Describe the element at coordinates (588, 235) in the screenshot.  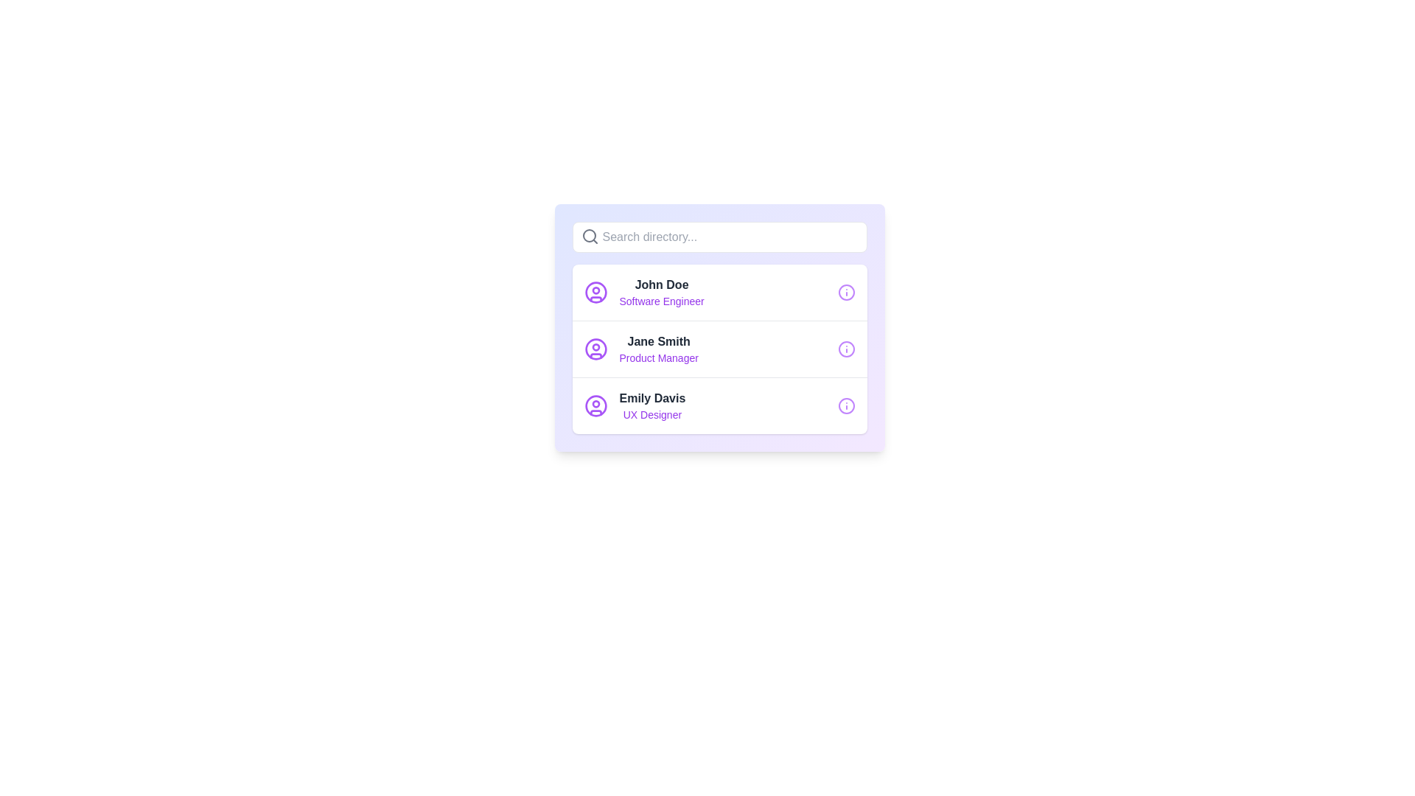
I see `the circular graphical element that is part of the composite search icon, located at the top-left corner of the search interface inside the search box` at that location.